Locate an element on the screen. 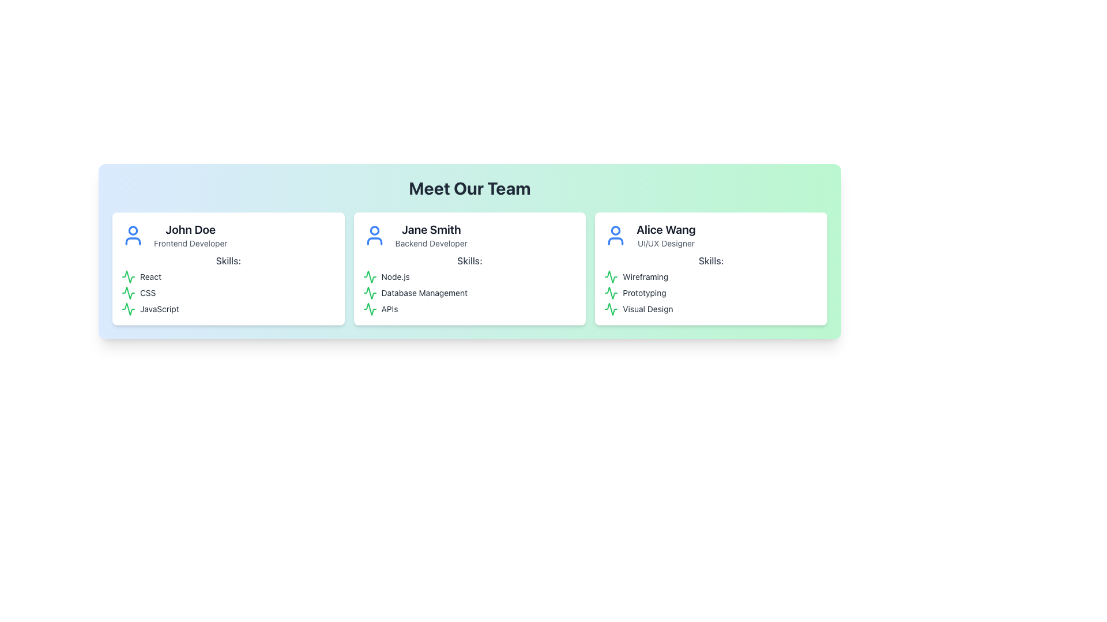  text label that describes Alice Wang's professional title or role, which is located in the 'Meet Our Team' section, directly beneath her name and above her listed skills is located at coordinates (666, 243).